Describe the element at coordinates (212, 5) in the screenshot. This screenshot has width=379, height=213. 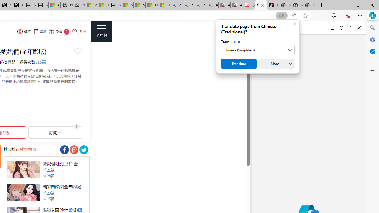
I see `'Amazon Echo Robot - Search Images'` at that location.